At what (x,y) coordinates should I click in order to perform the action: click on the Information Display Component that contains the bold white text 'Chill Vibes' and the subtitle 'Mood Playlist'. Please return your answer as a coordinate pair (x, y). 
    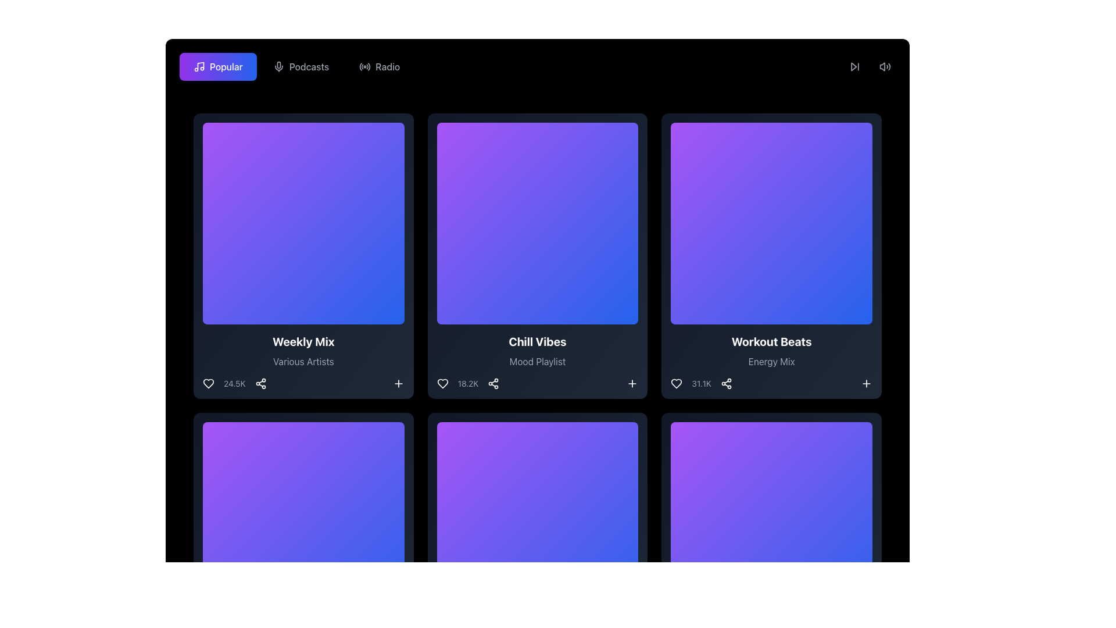
    Looking at the image, I should click on (537, 361).